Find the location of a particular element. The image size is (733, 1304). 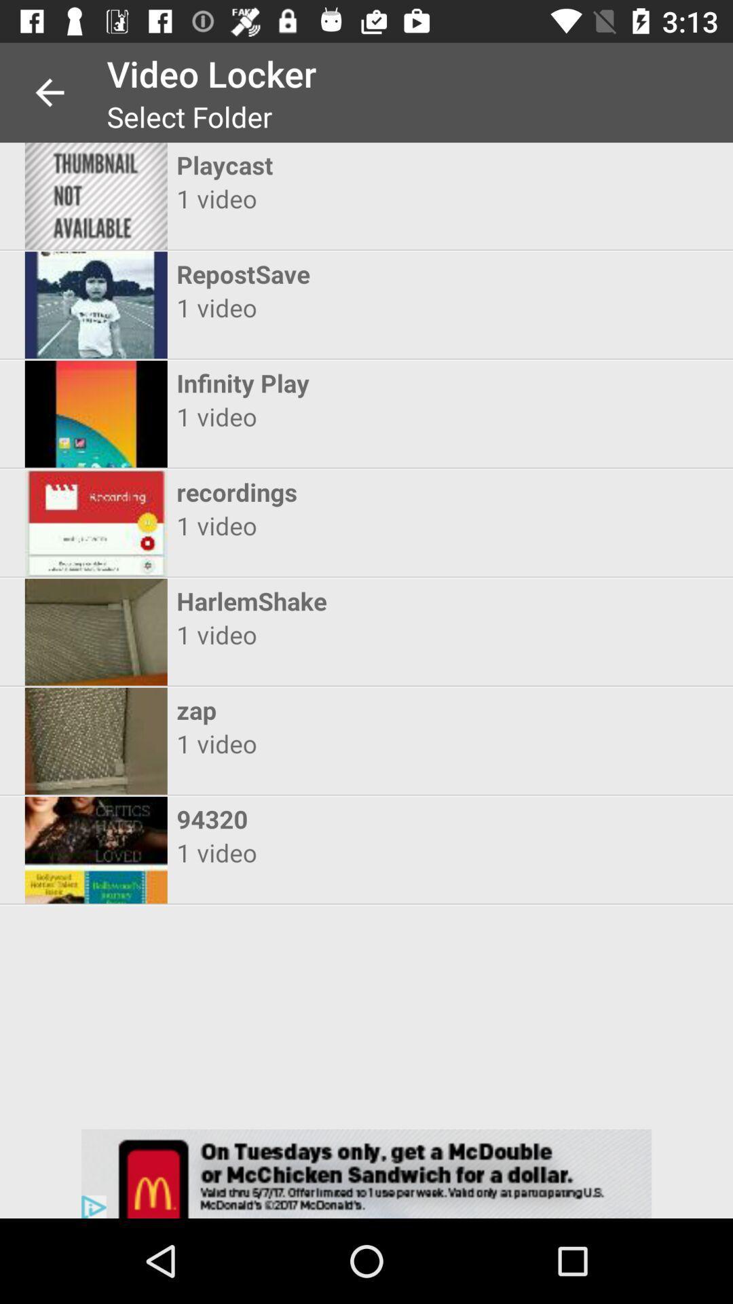

the icon above 1 video item is located at coordinates (354, 382).